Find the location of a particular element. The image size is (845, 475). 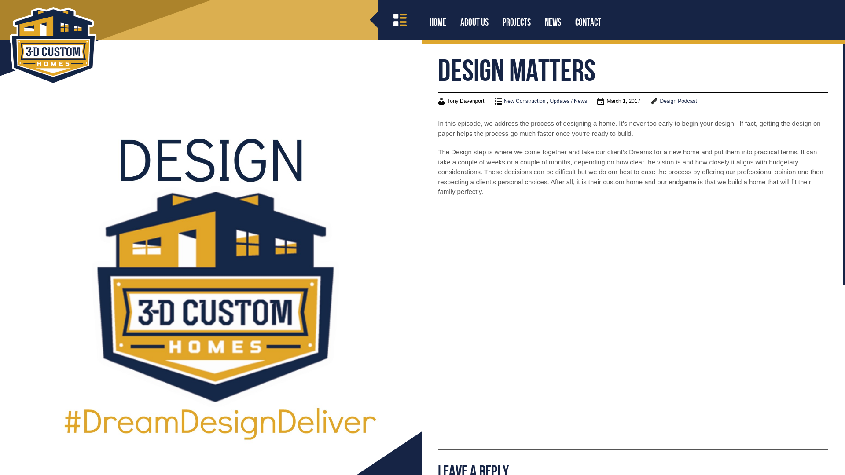

'Contact' is located at coordinates (588, 22).